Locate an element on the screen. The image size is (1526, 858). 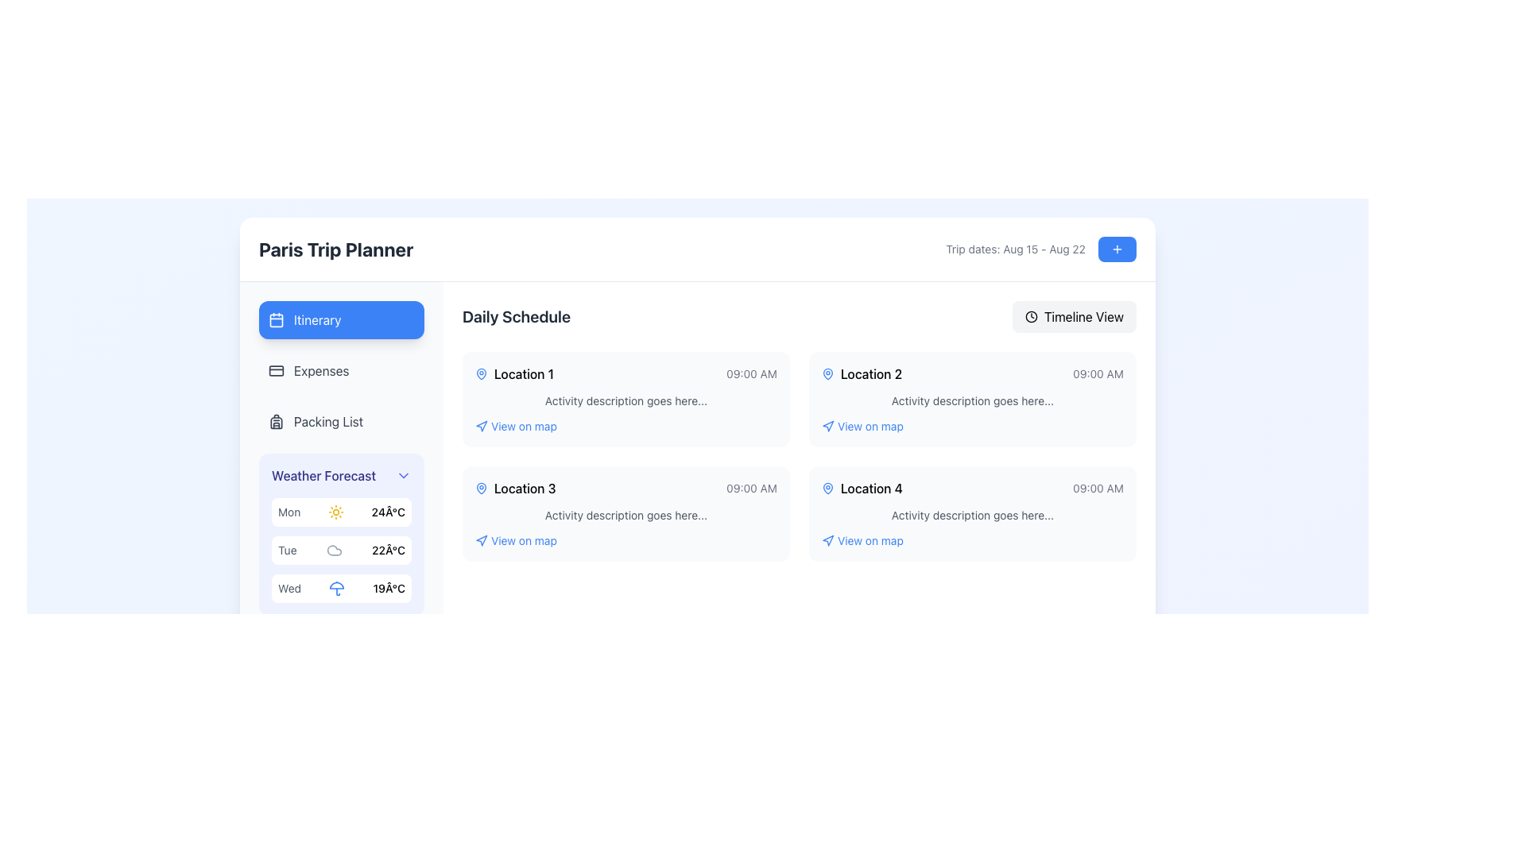
the text component displaying 'Tue' in gray font, which is located in the second item of the 'Weather Forecast' section on the left sidebar is located at coordinates (287, 550).